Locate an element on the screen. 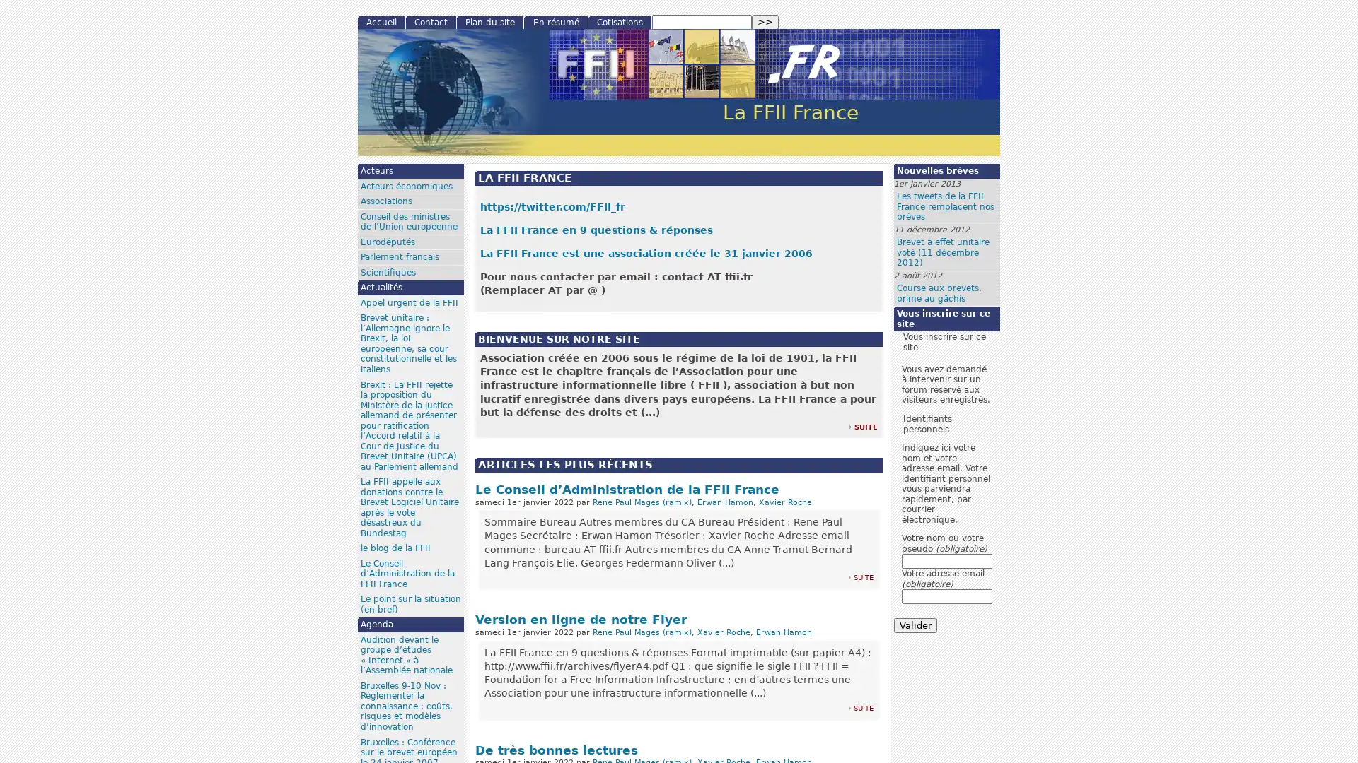 The height and width of the screenshot is (763, 1358). Valider is located at coordinates (915, 625).